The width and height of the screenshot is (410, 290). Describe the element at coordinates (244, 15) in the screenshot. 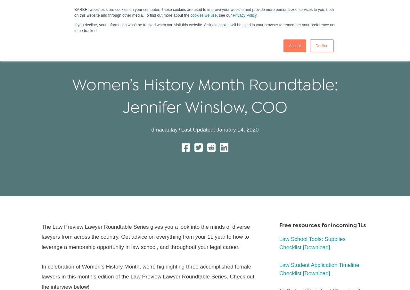

I see `'Privacy Policy'` at that location.